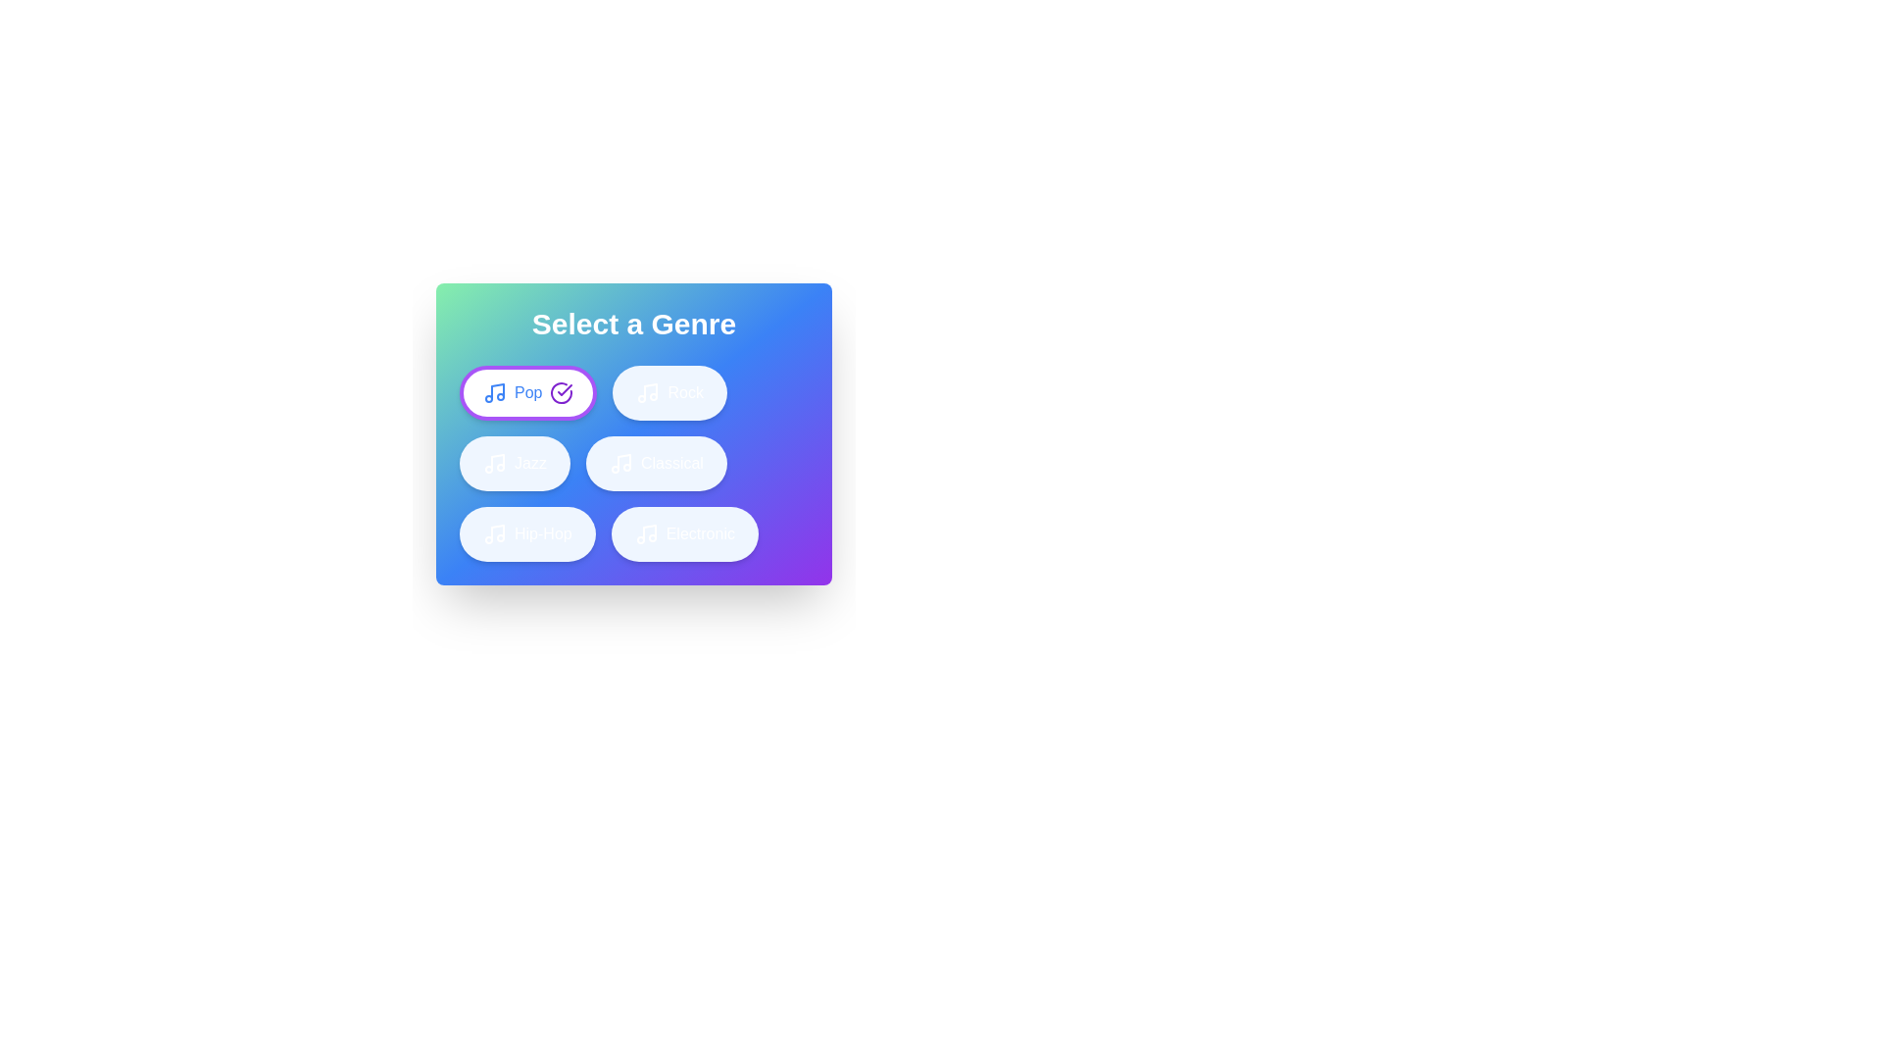 The height and width of the screenshot is (1059, 1882). What do you see at coordinates (515, 464) in the screenshot?
I see `the 'Jazz' genre button, which is the third button from the top in the left column of the music selection interface, positioned between the 'Rock' and 'Hip-Hop' buttons` at bounding box center [515, 464].